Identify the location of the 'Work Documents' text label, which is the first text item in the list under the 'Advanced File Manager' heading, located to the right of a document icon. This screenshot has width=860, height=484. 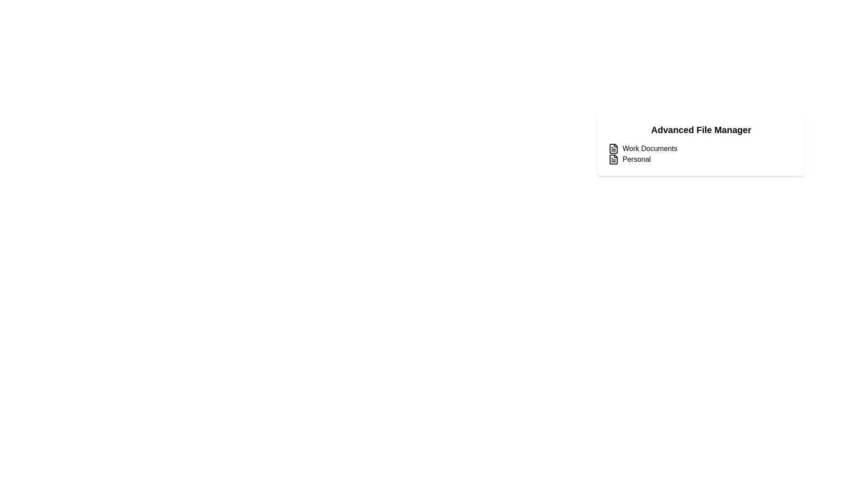
(650, 148).